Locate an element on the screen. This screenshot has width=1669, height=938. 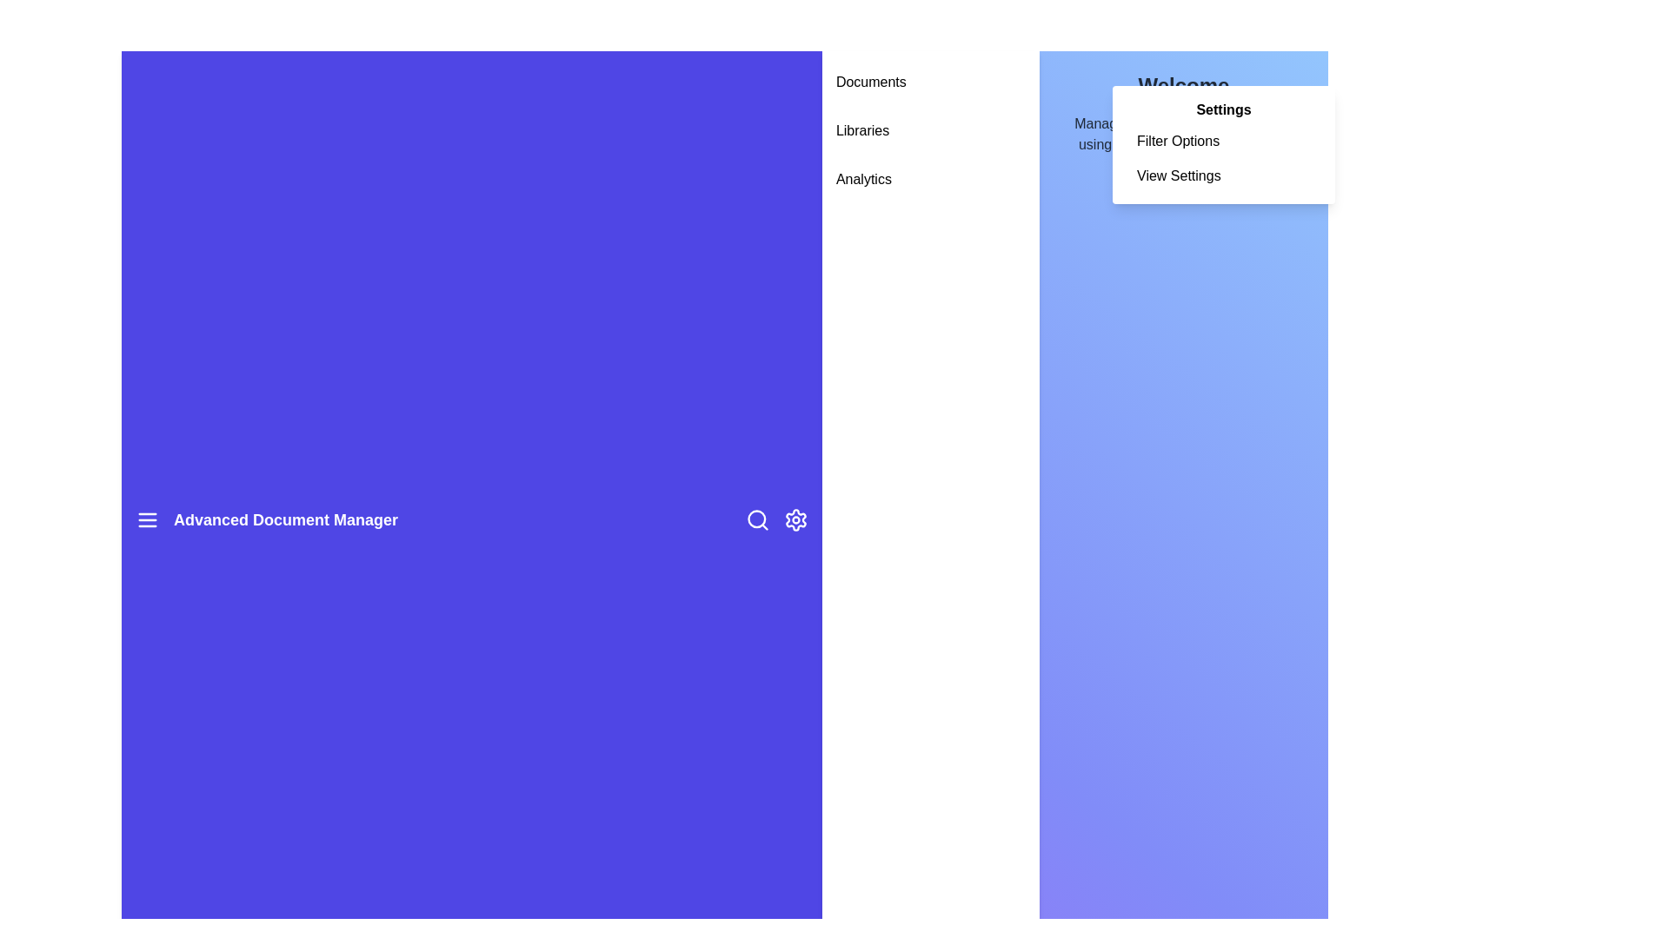
the search icon to initiate a search is located at coordinates (757, 519).